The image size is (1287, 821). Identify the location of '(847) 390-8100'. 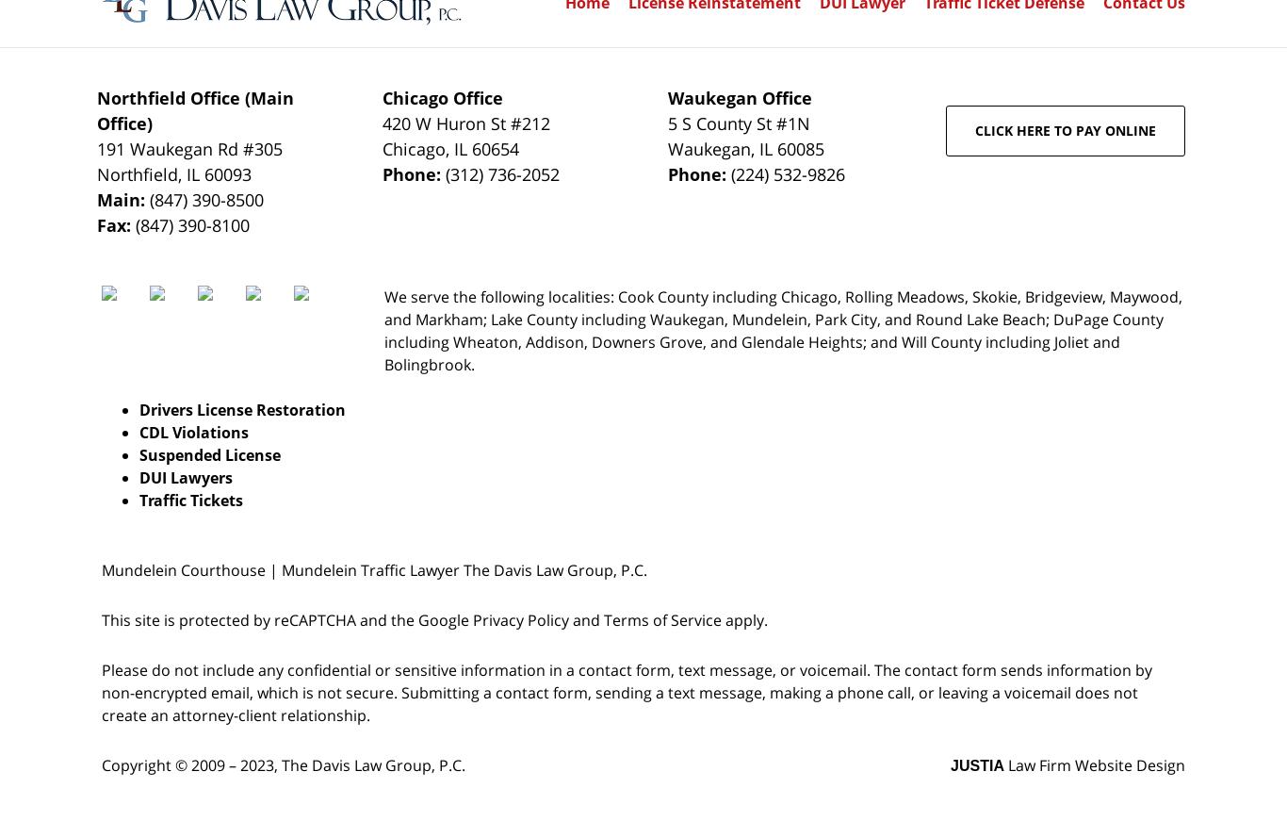
(190, 225).